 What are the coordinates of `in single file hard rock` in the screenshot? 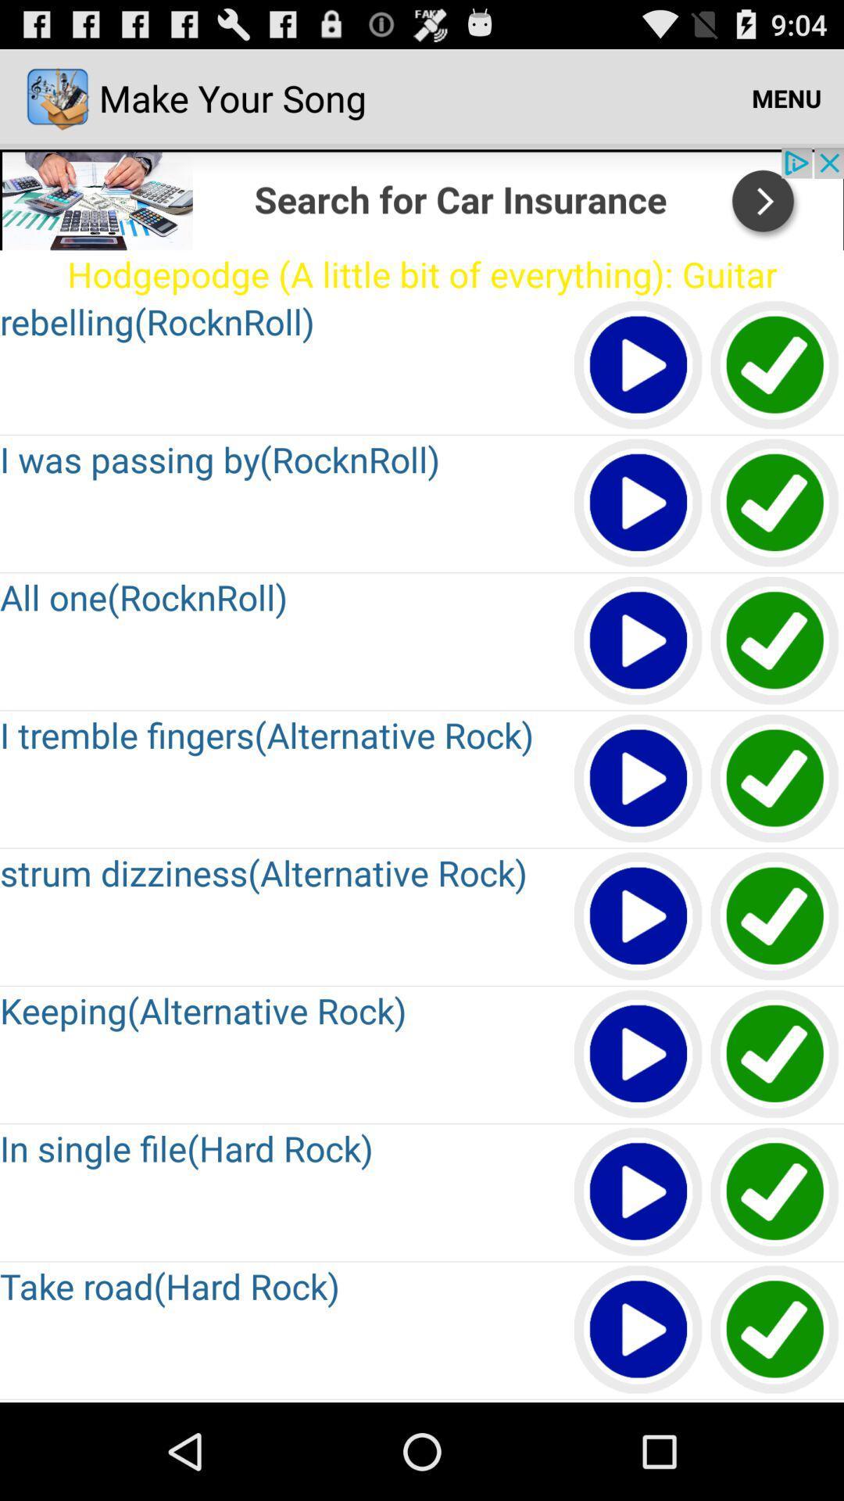 It's located at (638, 1191).